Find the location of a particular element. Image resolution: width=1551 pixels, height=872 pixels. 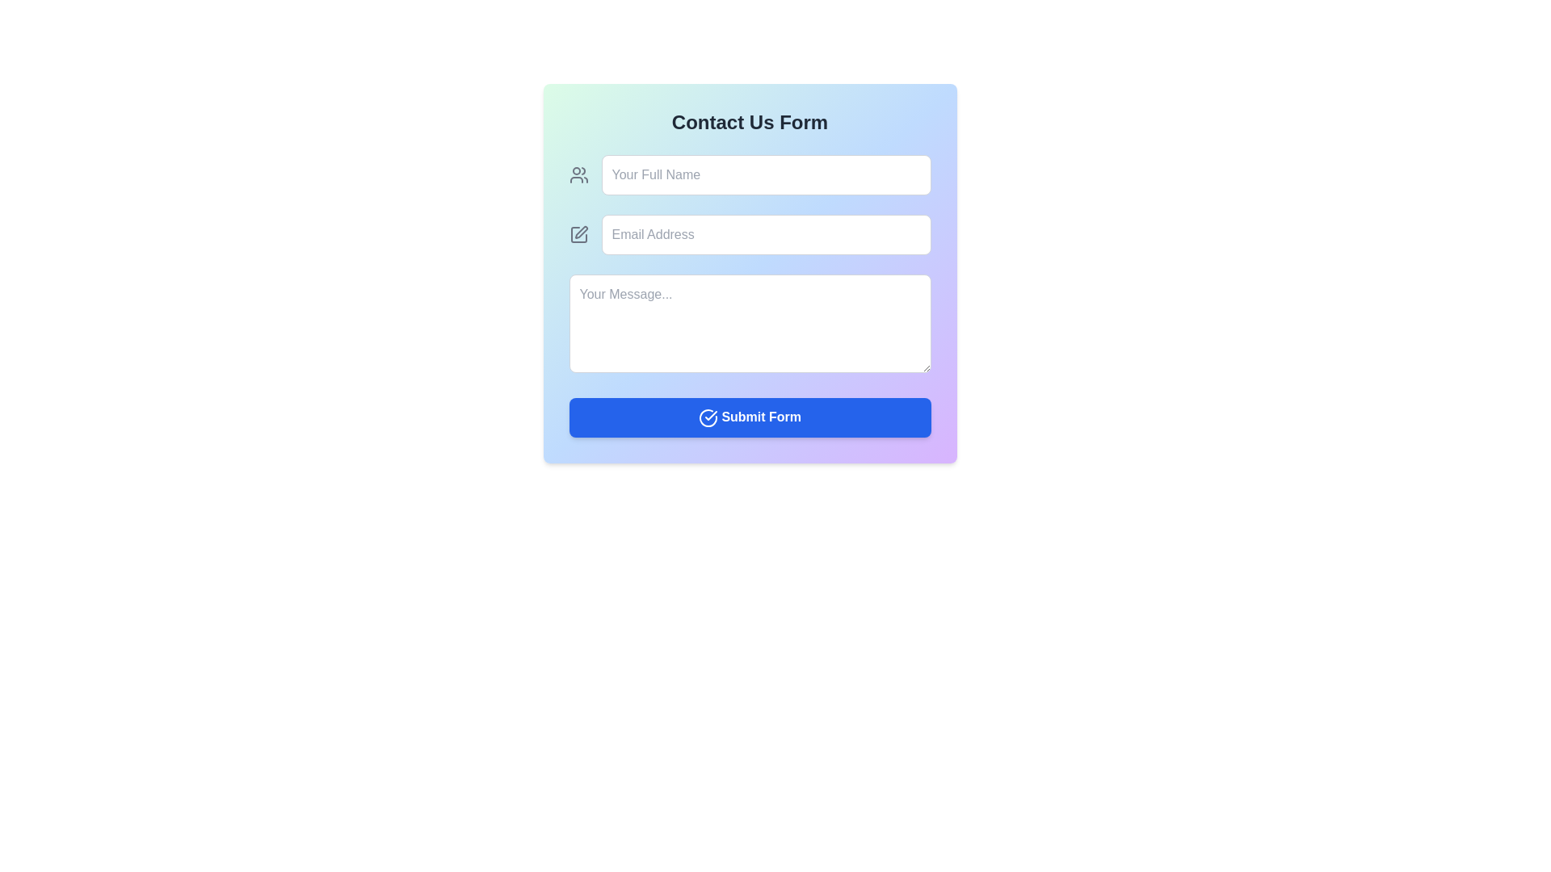

the 'Submit Form' button surrounding the checkmark icon located at the bottom-center of the contact form interface is located at coordinates (711, 414).